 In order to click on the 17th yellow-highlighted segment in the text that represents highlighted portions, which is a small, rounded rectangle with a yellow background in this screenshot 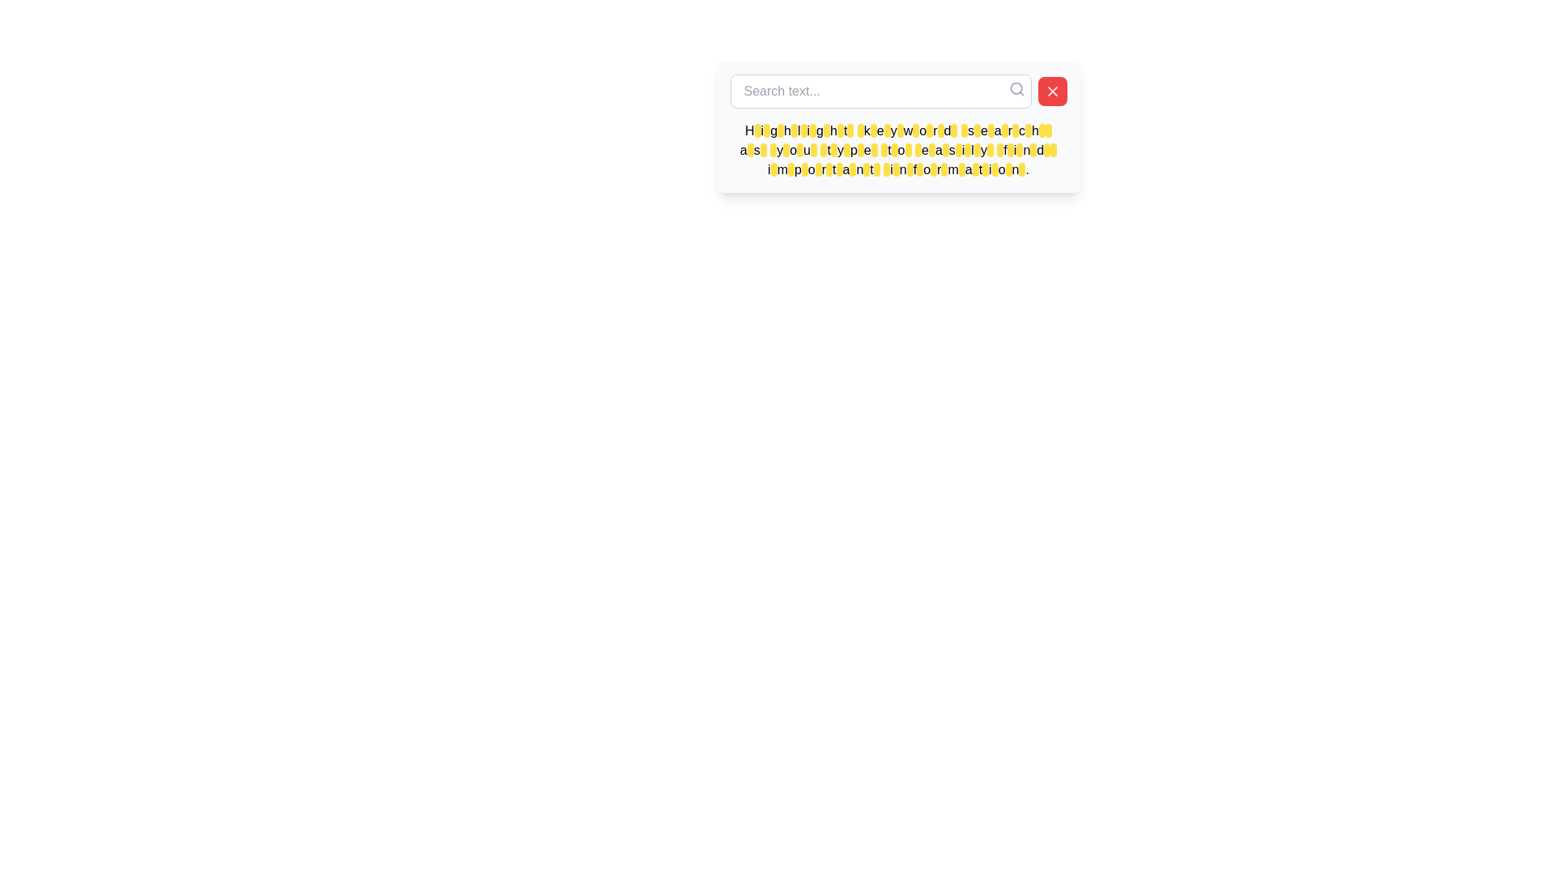, I will do `click(954, 130)`.